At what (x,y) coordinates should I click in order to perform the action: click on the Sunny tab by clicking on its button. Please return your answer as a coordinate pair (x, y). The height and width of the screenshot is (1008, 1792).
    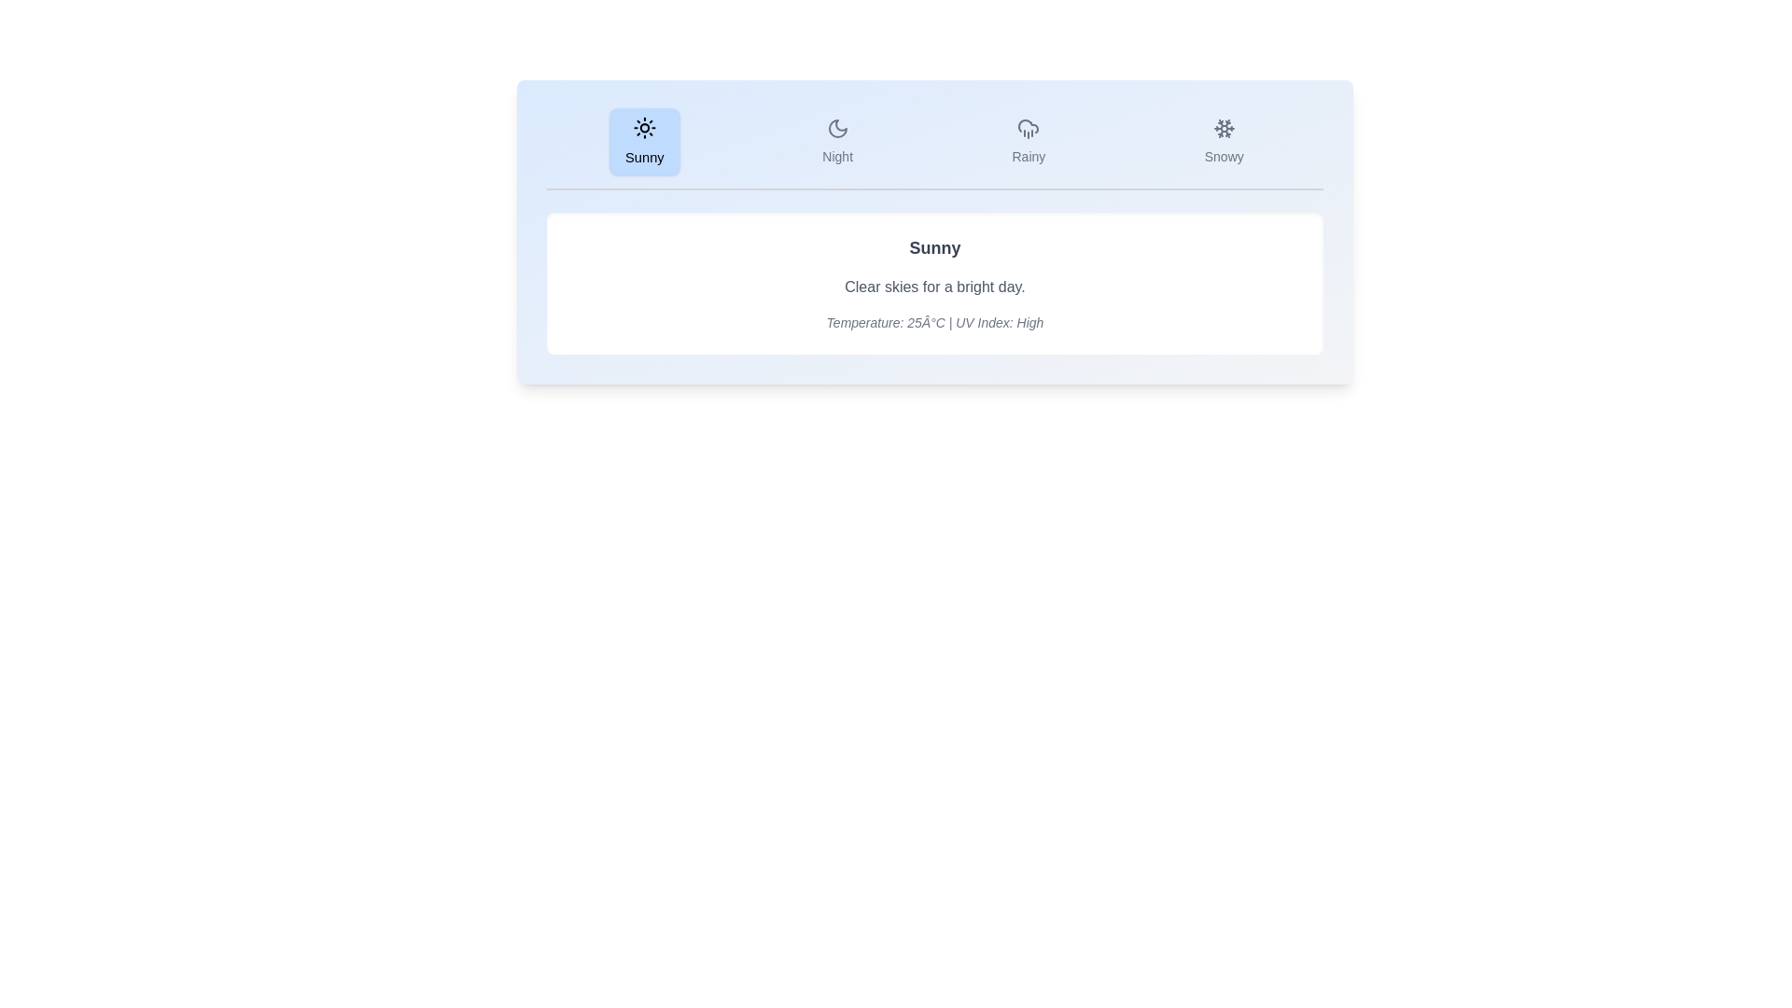
    Looking at the image, I should click on (645, 140).